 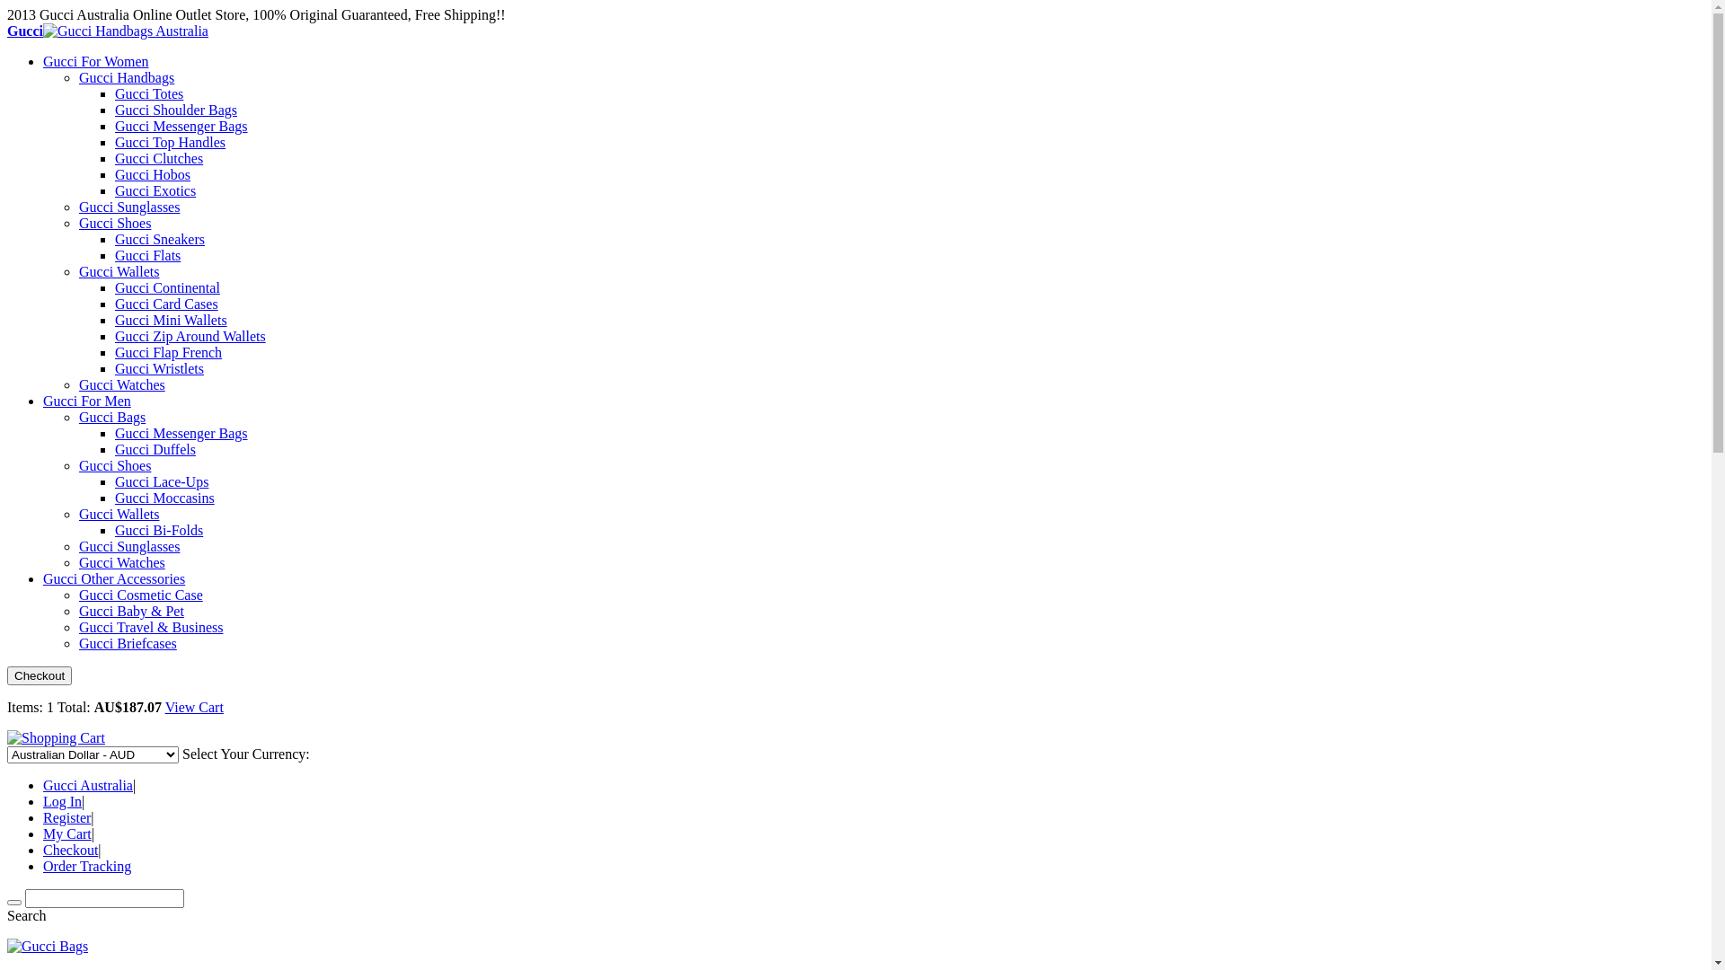 What do you see at coordinates (56, 737) in the screenshot?
I see `'Shopping Cart'` at bounding box center [56, 737].